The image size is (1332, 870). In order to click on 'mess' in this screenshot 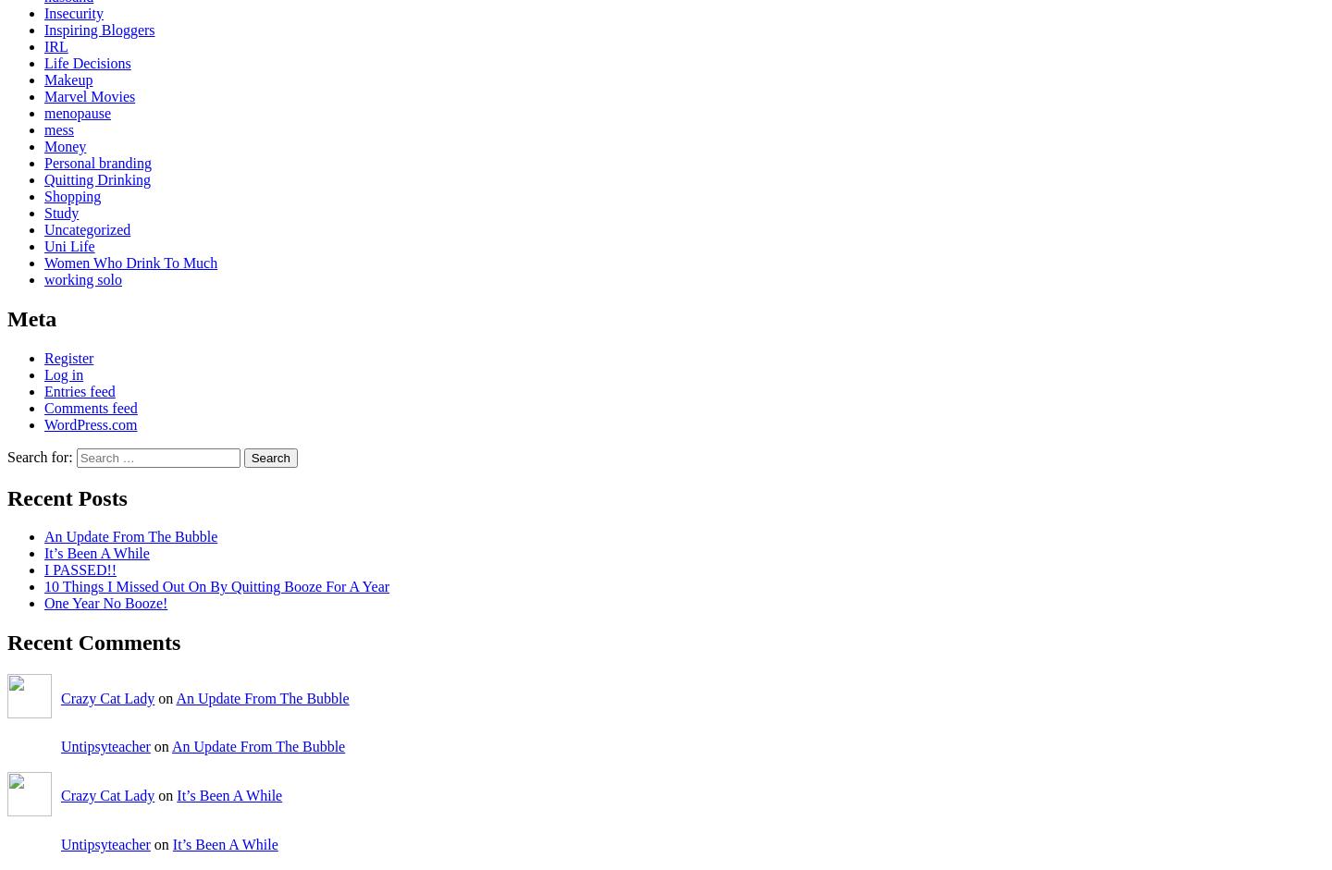, I will do `click(58, 128)`.